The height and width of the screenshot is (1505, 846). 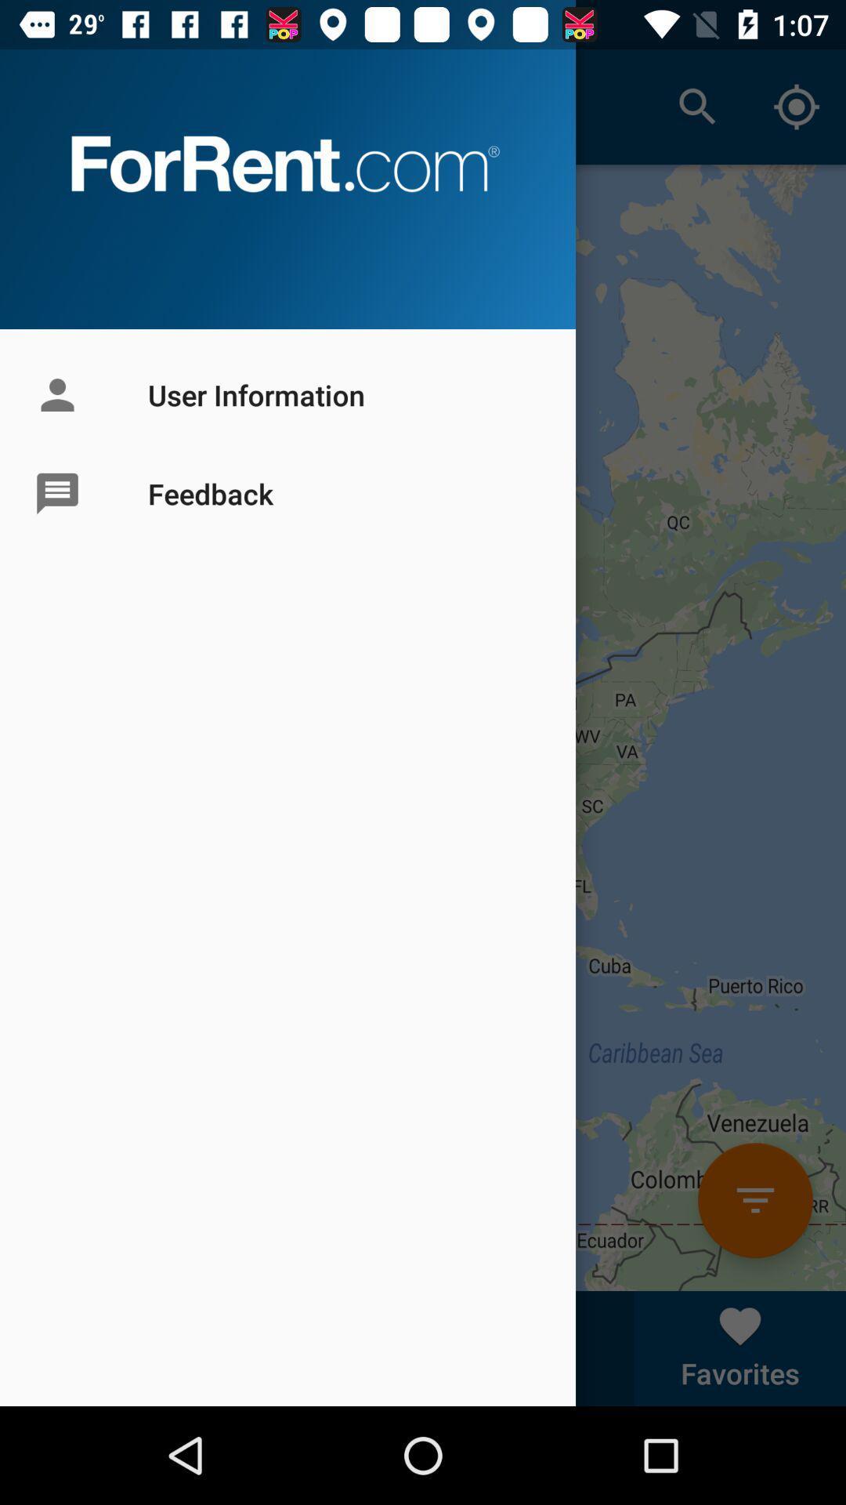 What do you see at coordinates (740, 1347) in the screenshot?
I see `right corner text from bottom` at bounding box center [740, 1347].